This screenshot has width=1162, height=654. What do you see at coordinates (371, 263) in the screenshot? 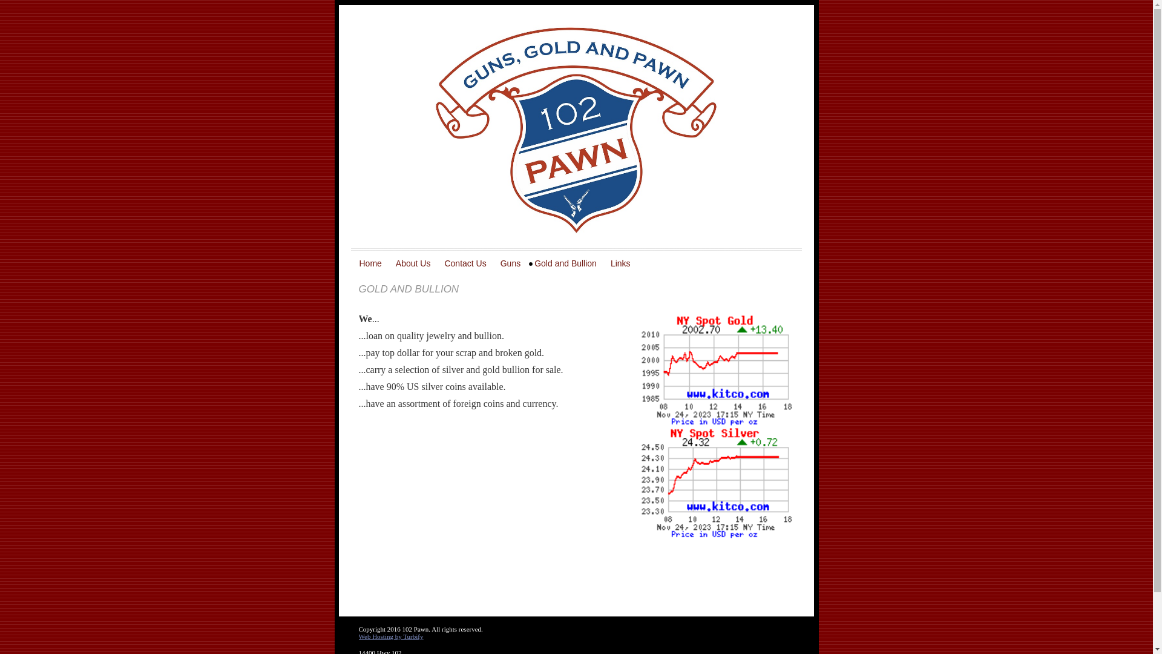
I see `'Home'` at bounding box center [371, 263].